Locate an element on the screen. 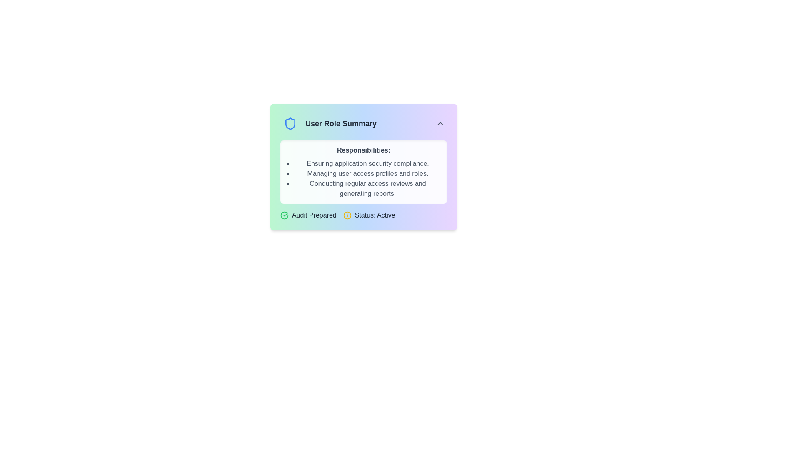 This screenshot has height=450, width=800. the third text element in the 'Responsibilities' section of the card that provides information about a key task associated with the user role is located at coordinates (367, 188).